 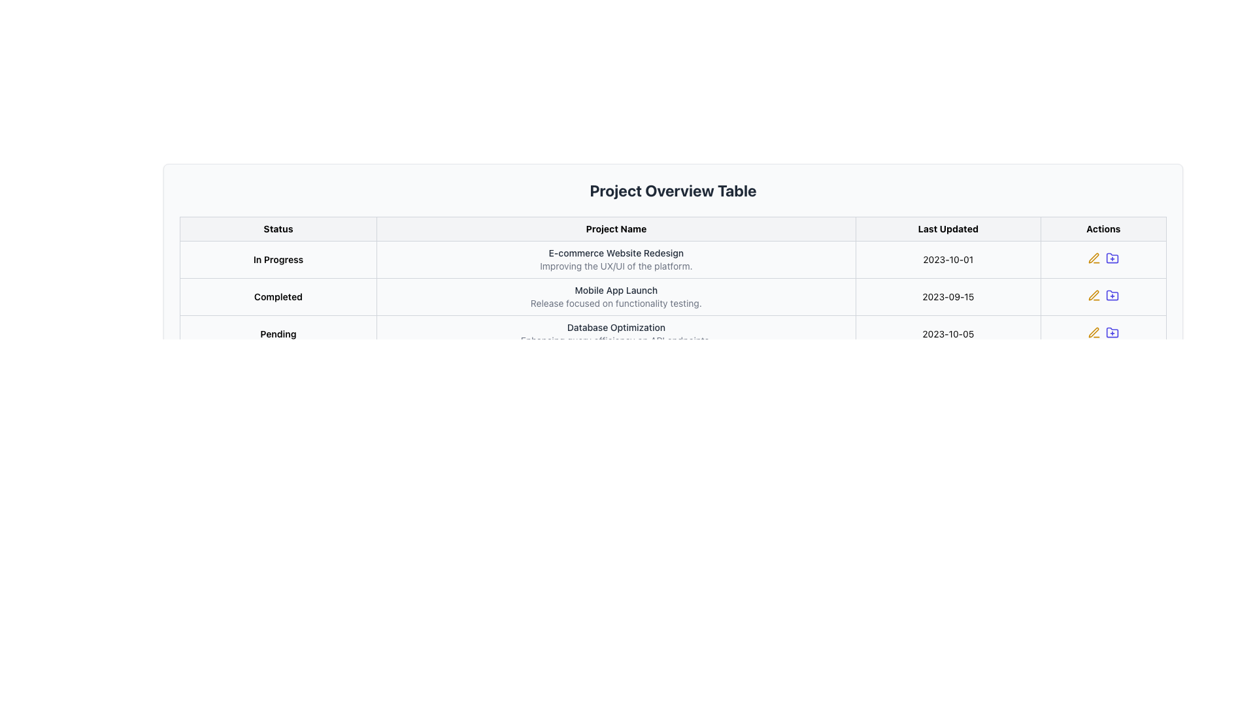 What do you see at coordinates (277, 297) in the screenshot?
I see `the text label indicating the status of the project or task in the second row of the 'Status' column of the table, which shows that it is completed` at bounding box center [277, 297].